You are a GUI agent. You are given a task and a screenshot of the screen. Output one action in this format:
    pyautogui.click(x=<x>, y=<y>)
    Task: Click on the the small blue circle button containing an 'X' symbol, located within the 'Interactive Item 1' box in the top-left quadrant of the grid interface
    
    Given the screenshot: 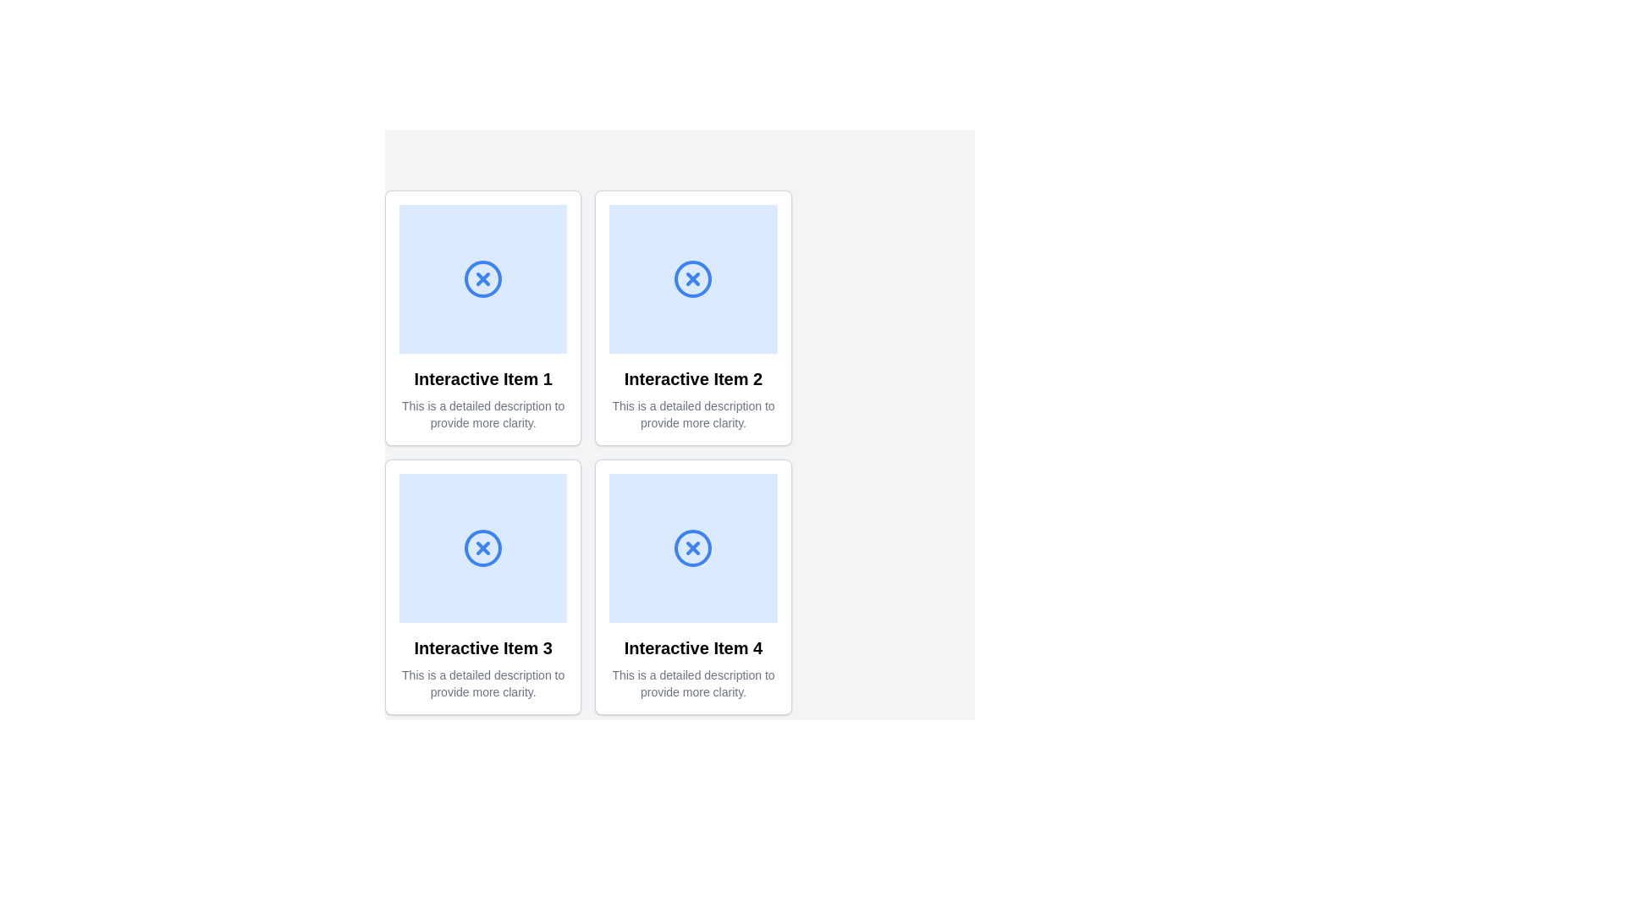 What is the action you would take?
    pyautogui.click(x=482, y=278)
    